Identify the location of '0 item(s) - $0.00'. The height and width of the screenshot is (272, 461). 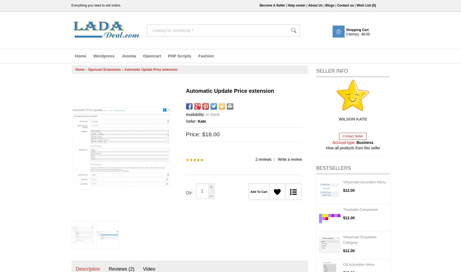
(358, 34).